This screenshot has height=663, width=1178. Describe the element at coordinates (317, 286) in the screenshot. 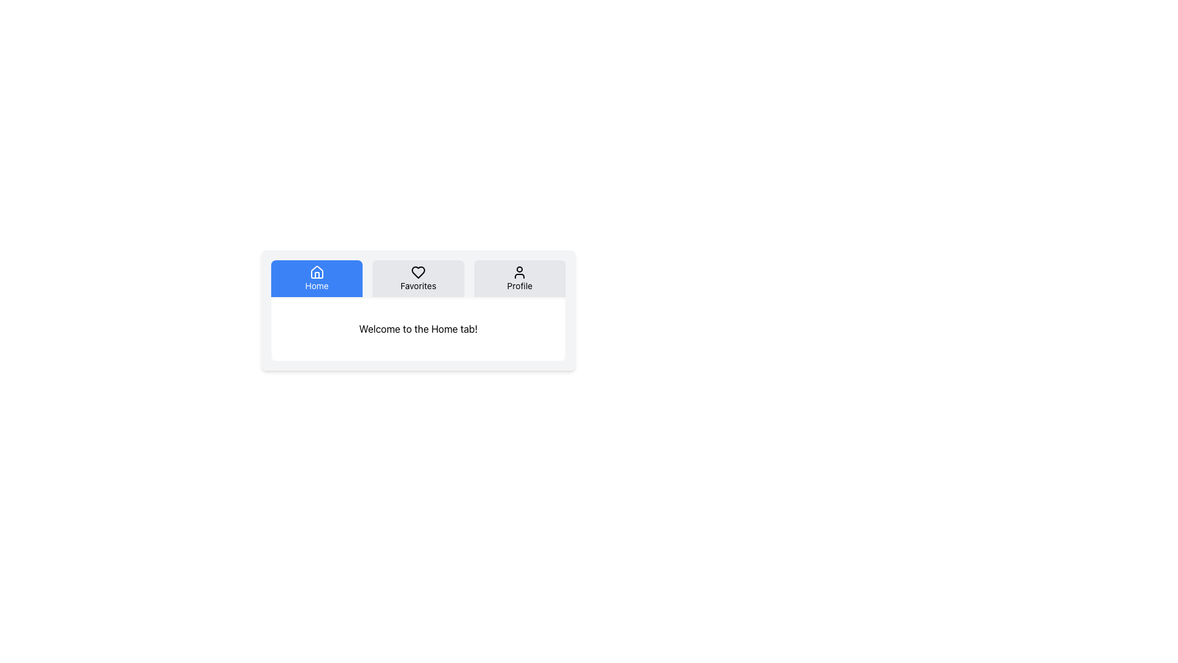

I see `the 'Home' text label which indicates the current tab selected in the horizontal tab group` at that location.